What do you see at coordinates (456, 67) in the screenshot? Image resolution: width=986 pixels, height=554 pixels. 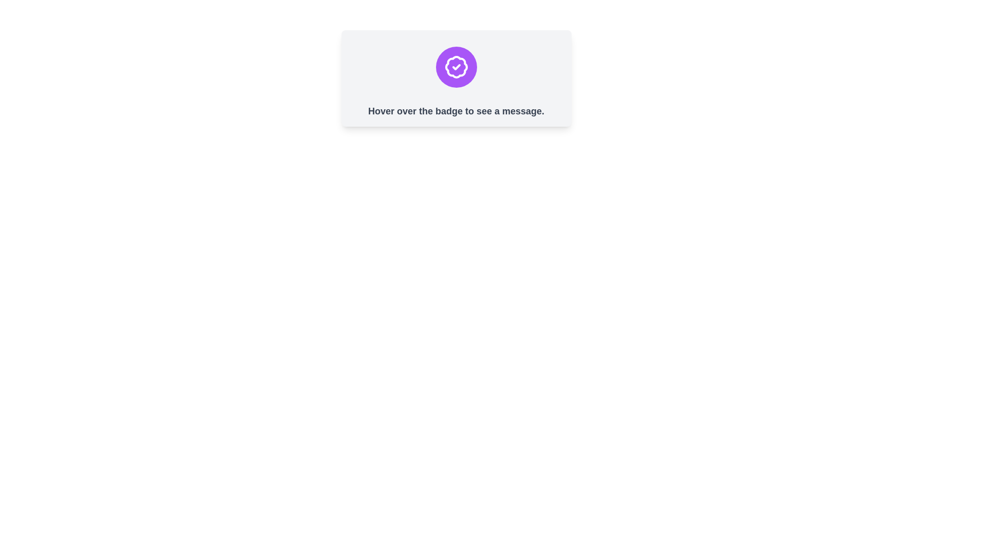 I see `the Interactive Badge Icon, which is a rounded purple circle with a light white border and a check-shaped badge icon, for visual feedback` at bounding box center [456, 67].